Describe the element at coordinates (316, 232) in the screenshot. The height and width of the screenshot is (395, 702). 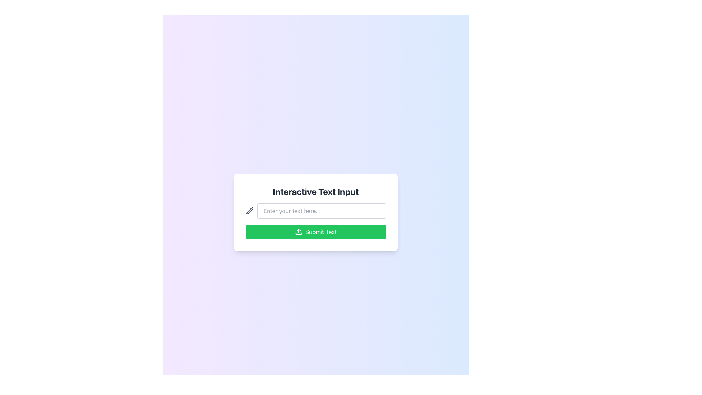
I see `the rectangular green button labeled 'Submit Text'` at that location.